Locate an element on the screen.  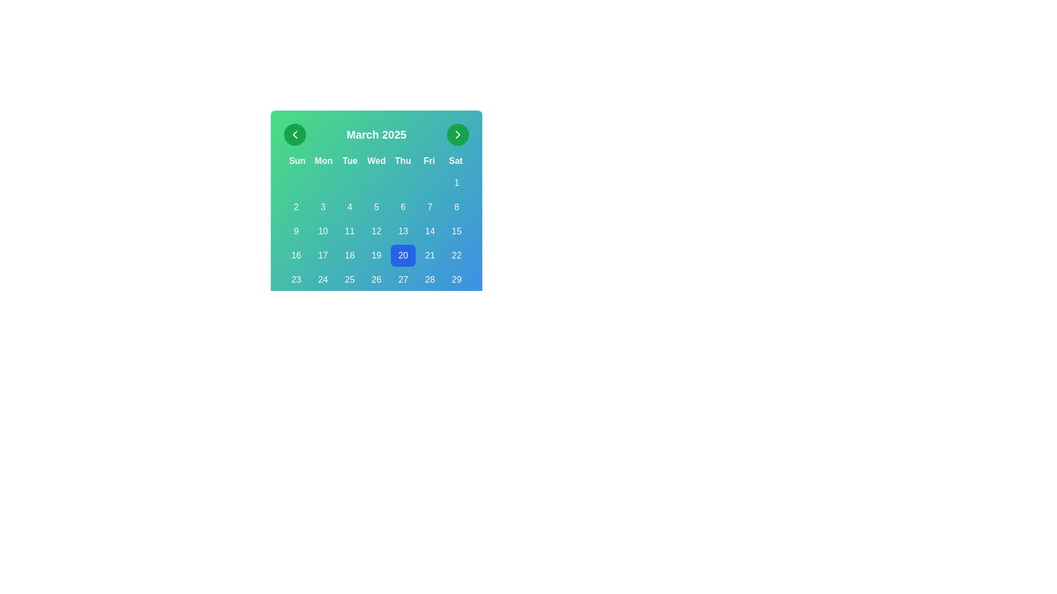
the empty cell in the calendar layout located in the first row and sixth cell from the left is located at coordinates (429, 182).